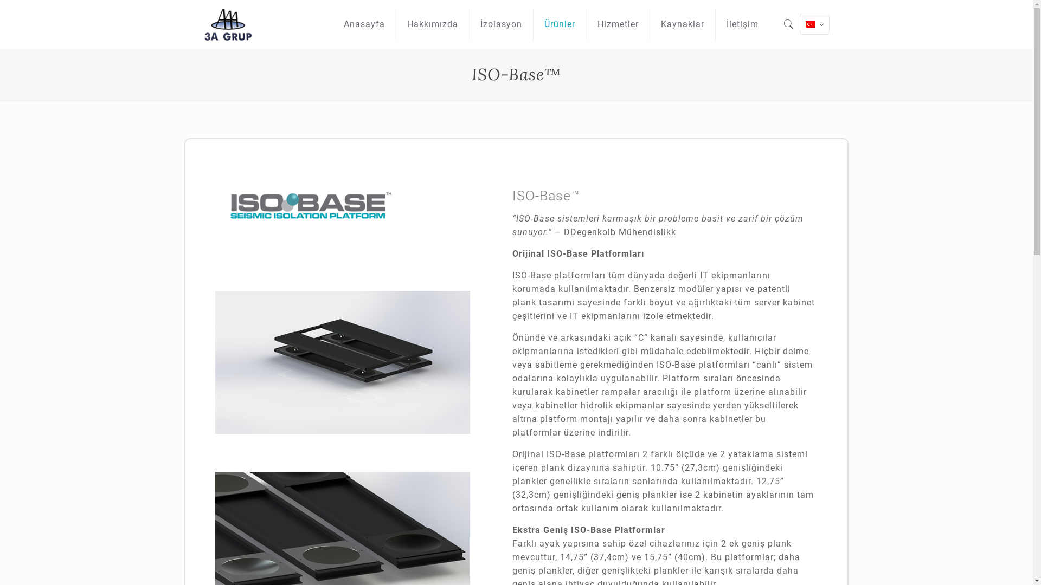 This screenshot has height=585, width=1041. What do you see at coordinates (229, 24) in the screenshot?
I see `'3AGrup'` at bounding box center [229, 24].